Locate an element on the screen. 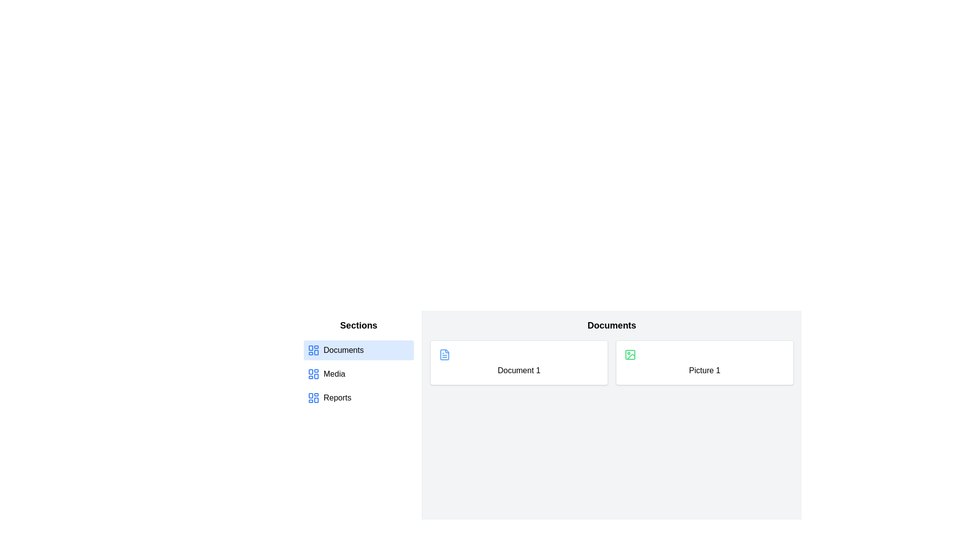  the 'Reports' text label in the vertical navigation menu, which is the third navigation item below 'Documents' and 'Media' is located at coordinates (338, 398).